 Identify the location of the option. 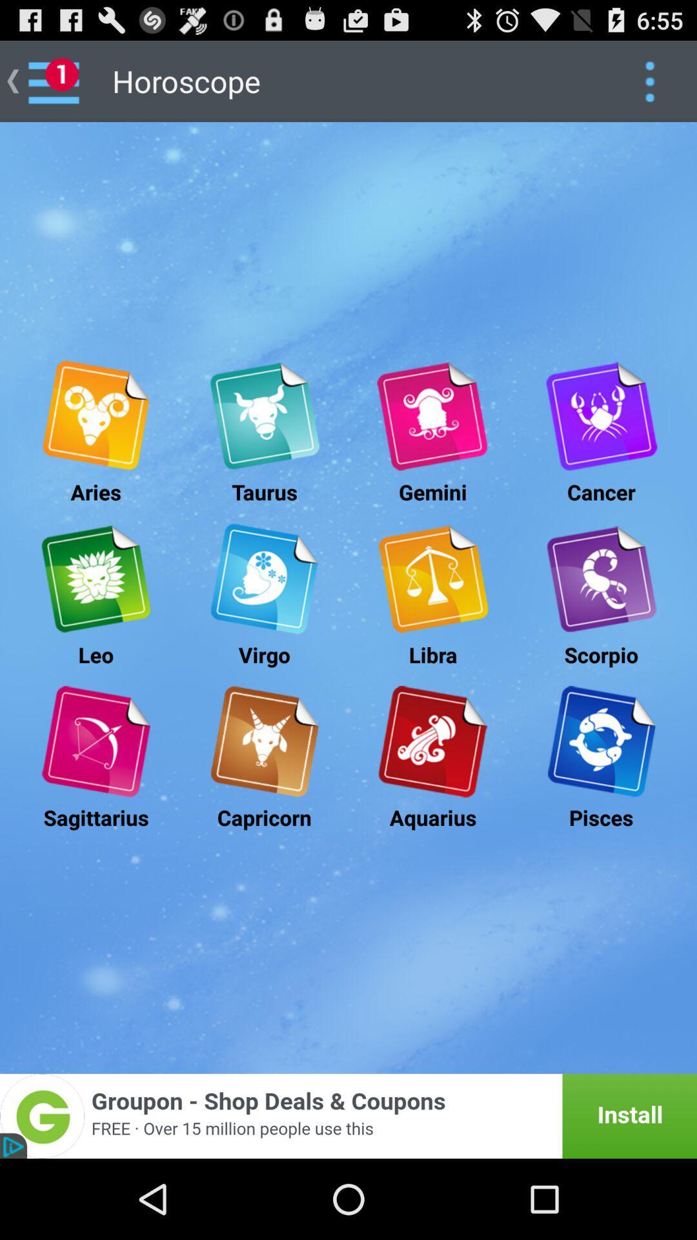
(348, 1115).